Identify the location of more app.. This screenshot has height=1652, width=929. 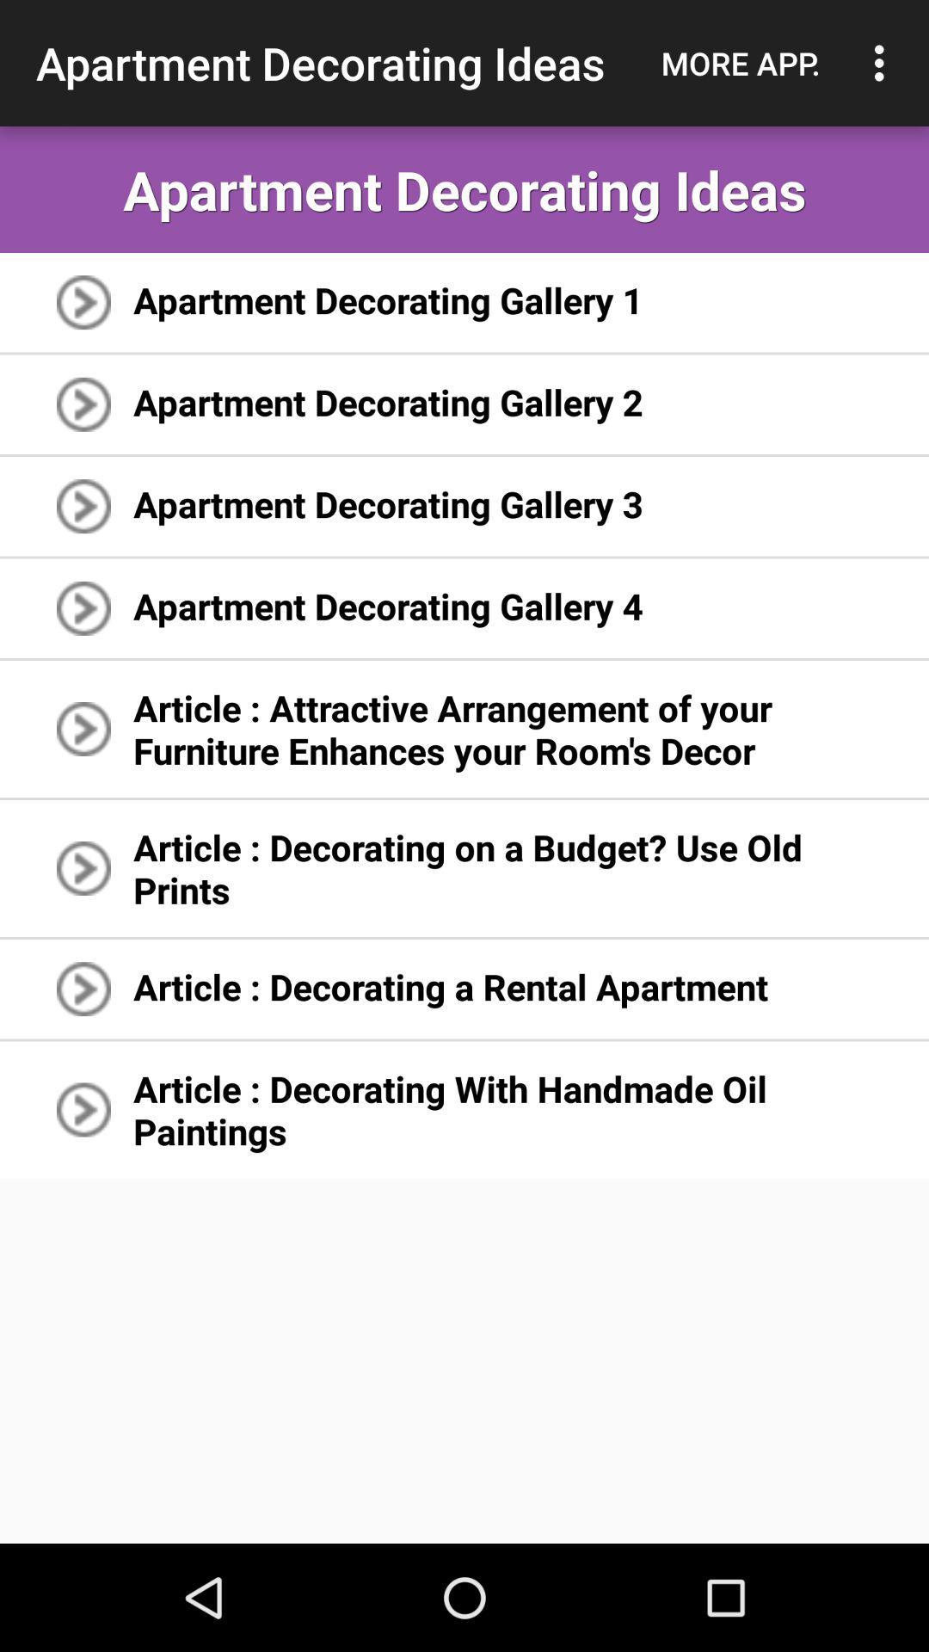
(740, 63).